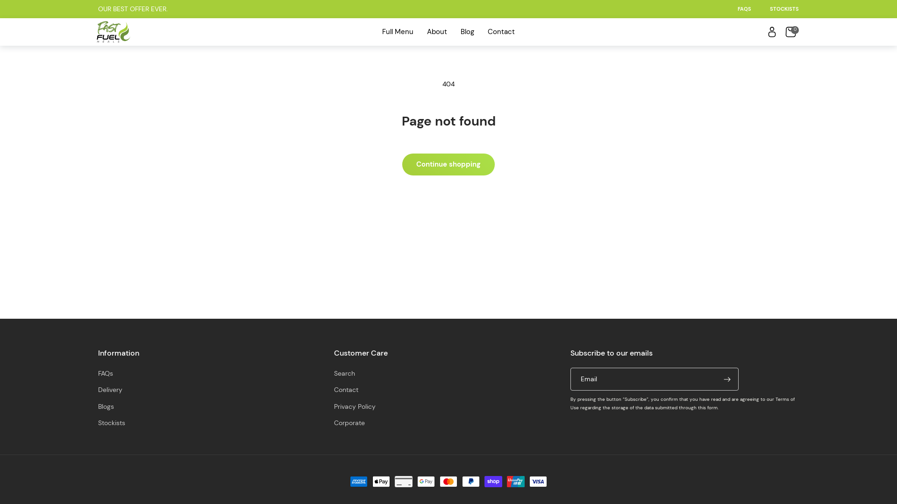 Image resolution: width=897 pixels, height=504 pixels. I want to click on 'FAQs', so click(105, 374).